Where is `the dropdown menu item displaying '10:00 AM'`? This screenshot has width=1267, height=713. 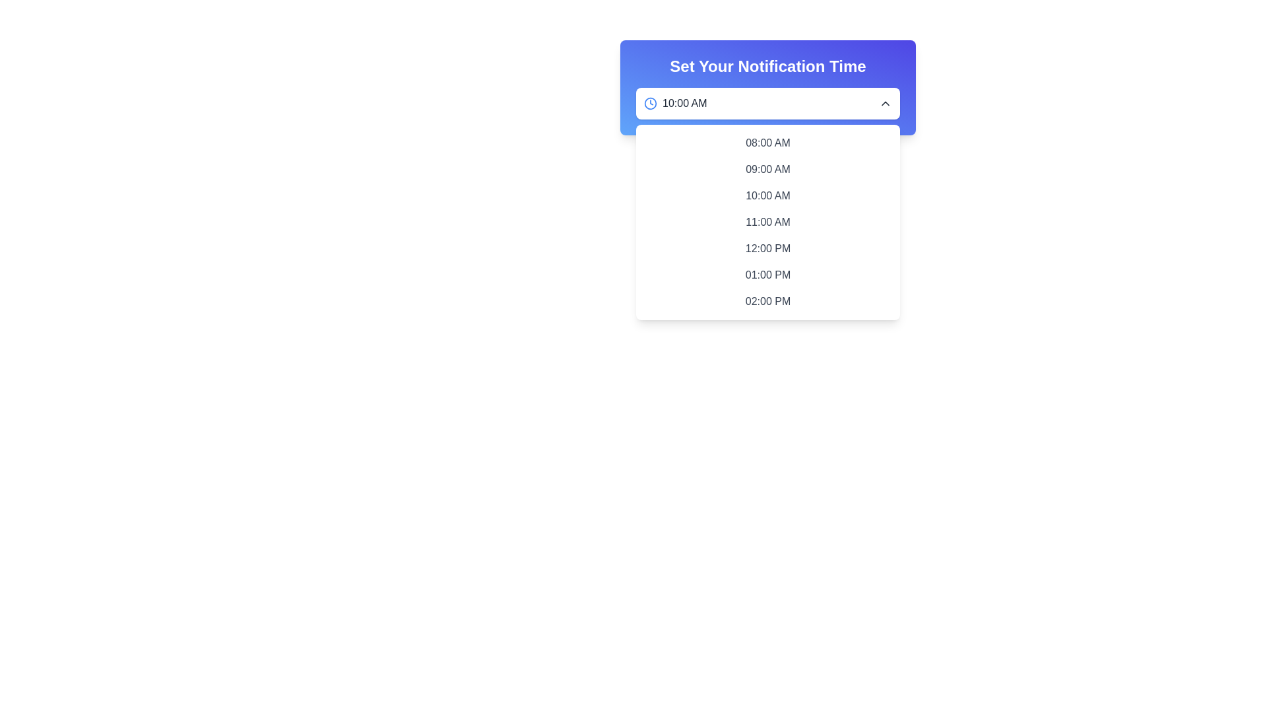
the dropdown menu item displaying '10:00 AM' is located at coordinates (767, 196).